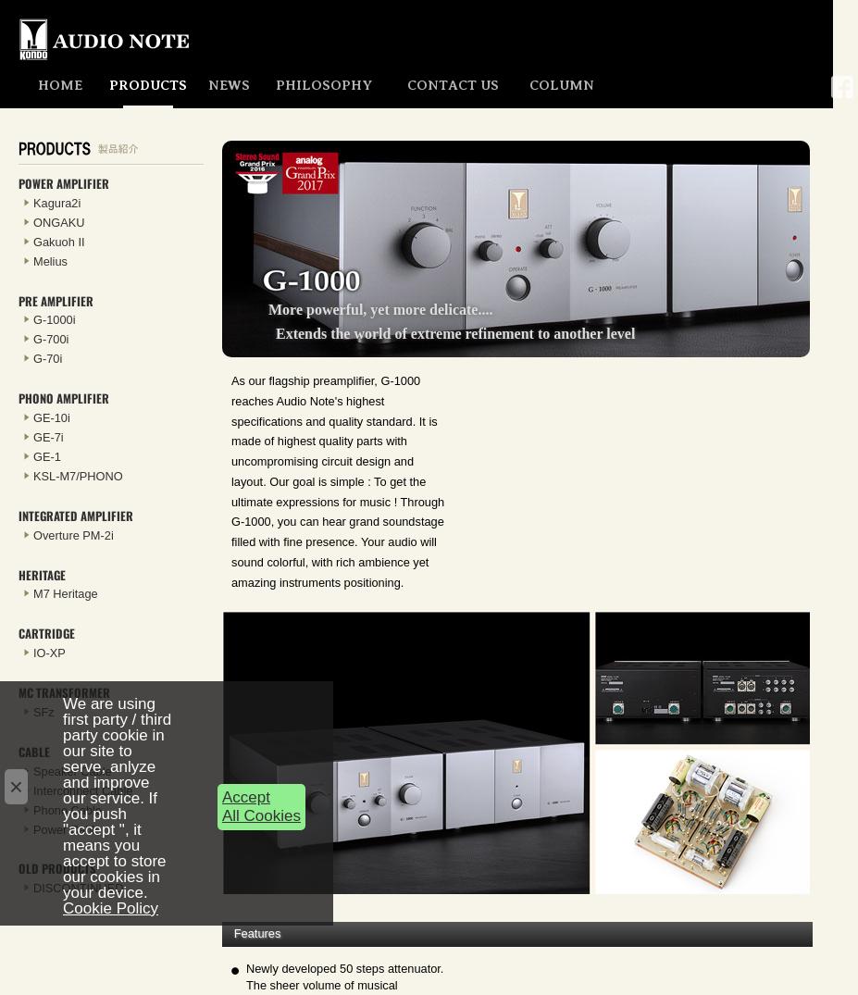 The width and height of the screenshot is (858, 995). I want to click on 'As our flagship preamplifier, G-1000 reaches Audio Note's highest specifications and quality standard.
					It is made of highest quality parts with uncompromising circuit design and layout.
					Our goal is simple : To get the ultimate expressions for music !
					Through G-1000, you can hear grand soundstage filled with fine presence.
					Your audio will sound colorful, with rich ambience yet amazing instruments positioning.', so click(231, 479).